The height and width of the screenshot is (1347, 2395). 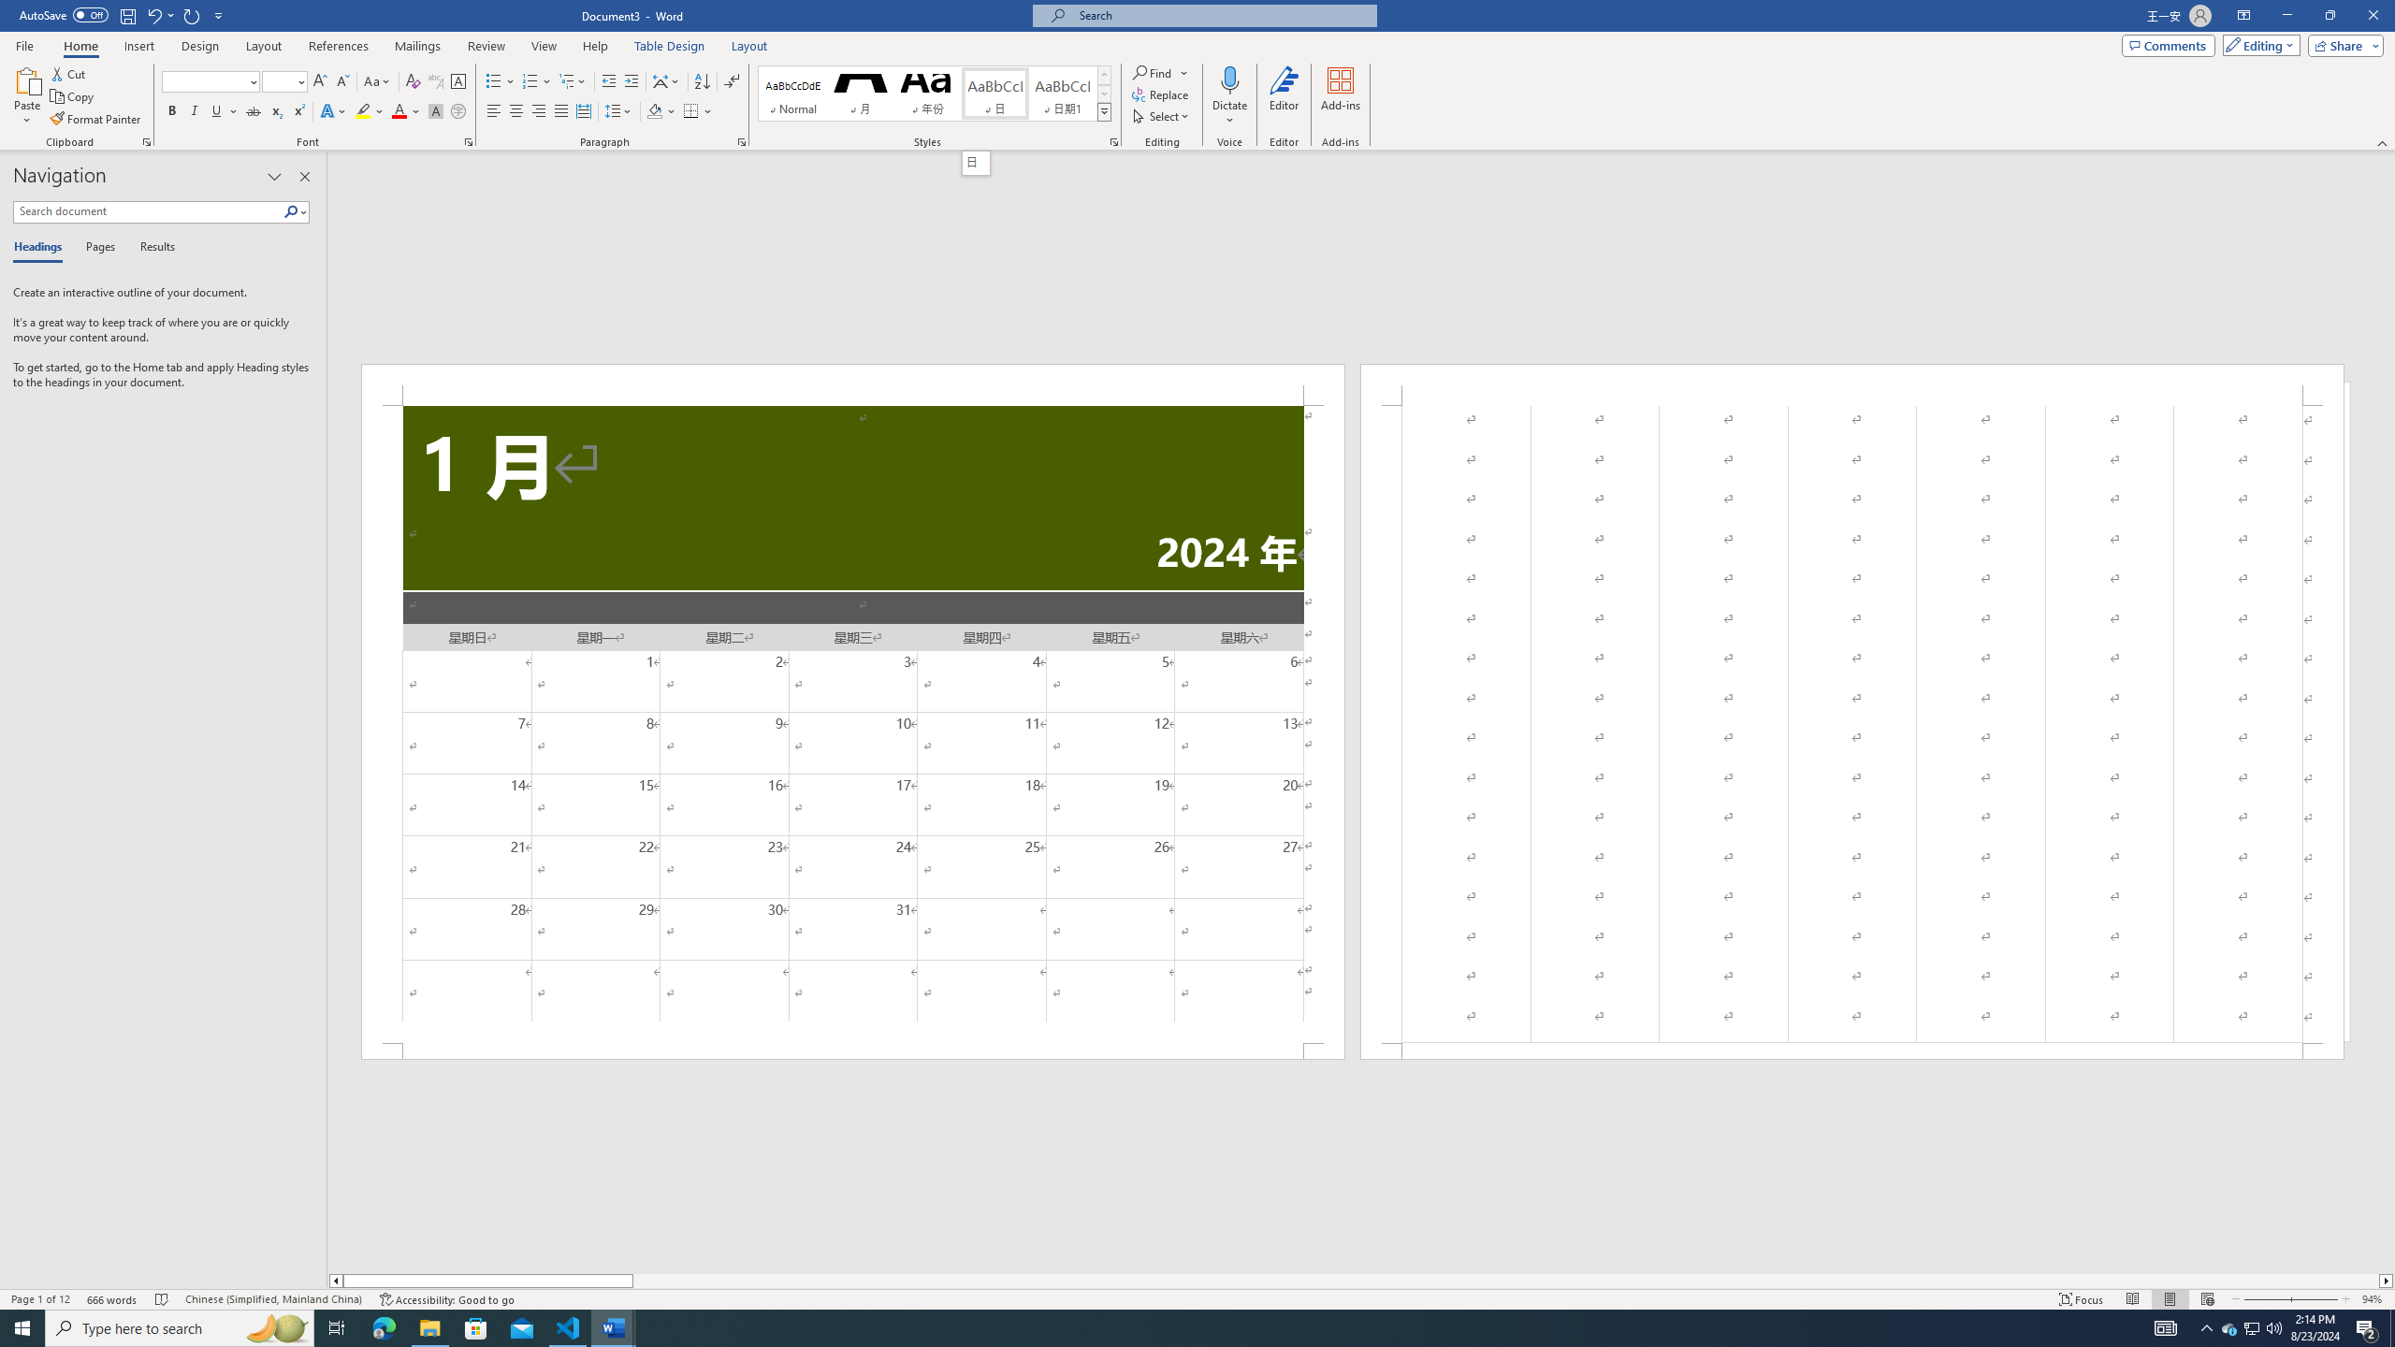 I want to click on 'Header -Section 1-', so click(x=1852, y=384).